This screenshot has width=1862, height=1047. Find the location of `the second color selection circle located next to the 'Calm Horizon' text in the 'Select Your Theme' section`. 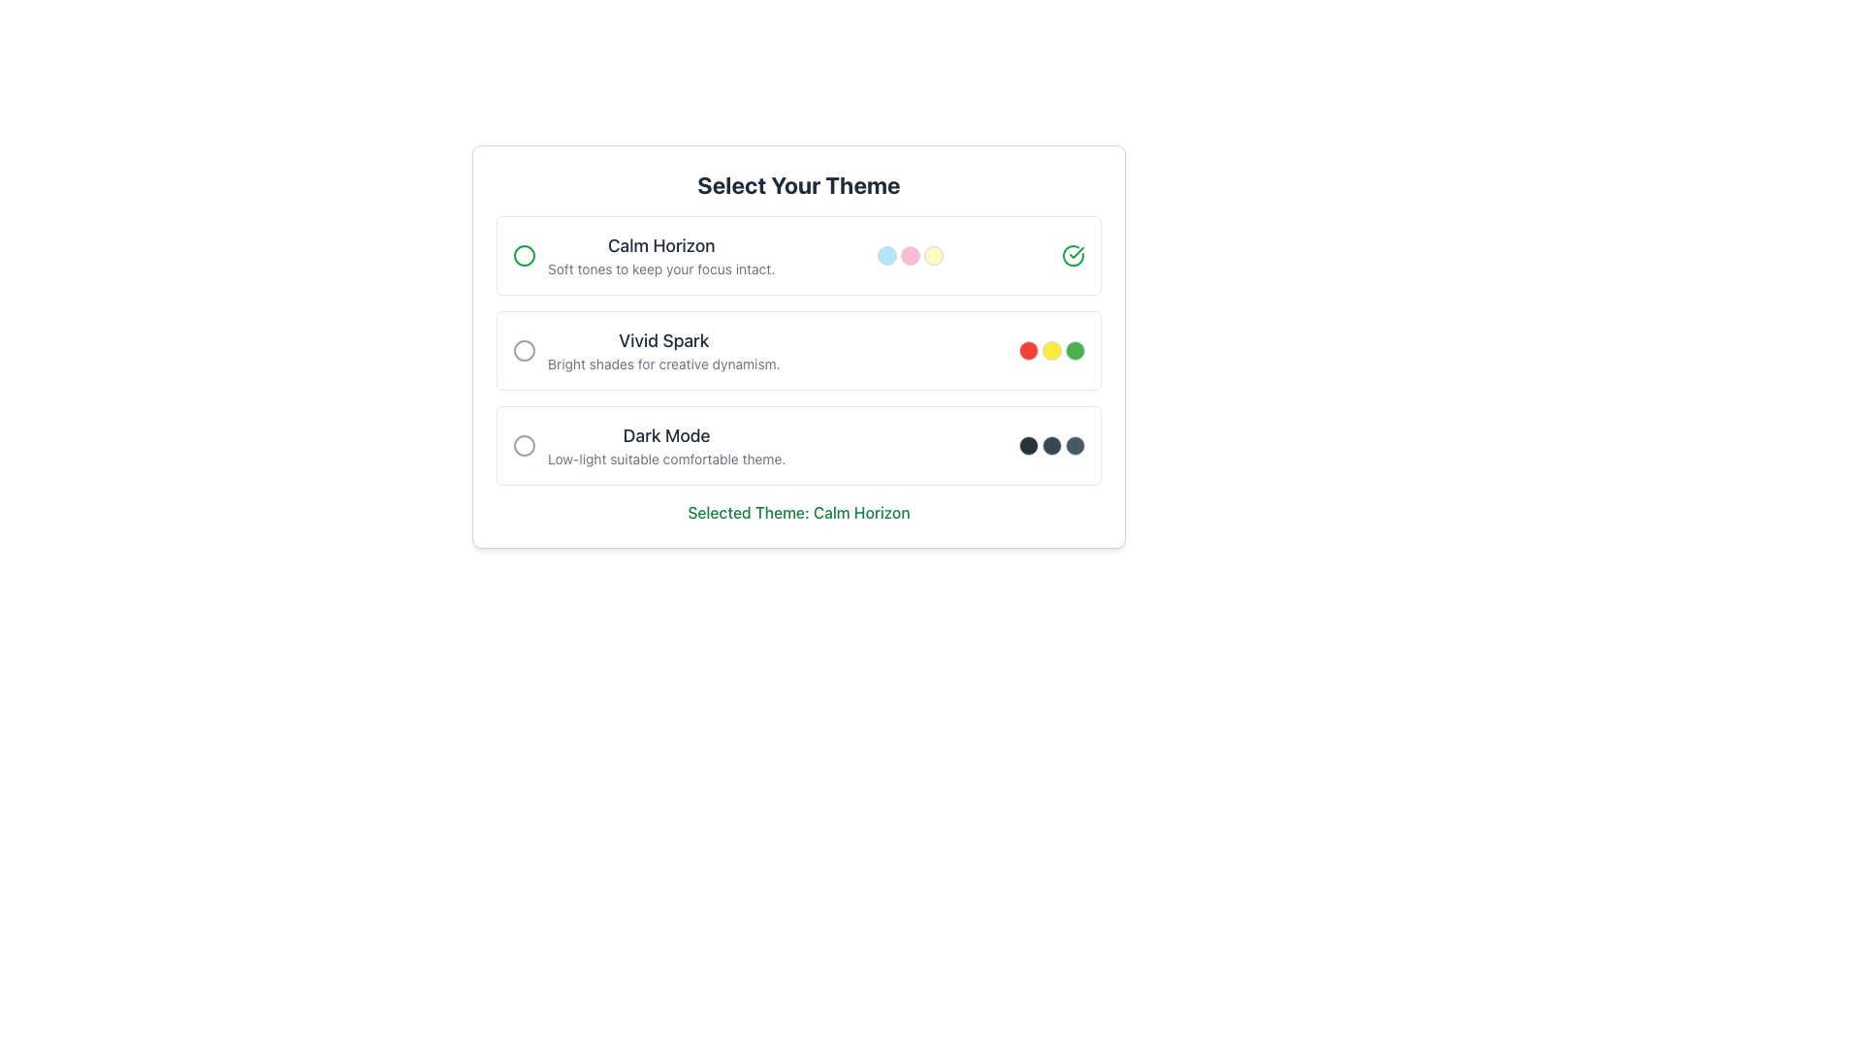

the second color selection circle located next to the 'Calm Horizon' text in the 'Select Your Theme' section is located at coordinates (910, 254).